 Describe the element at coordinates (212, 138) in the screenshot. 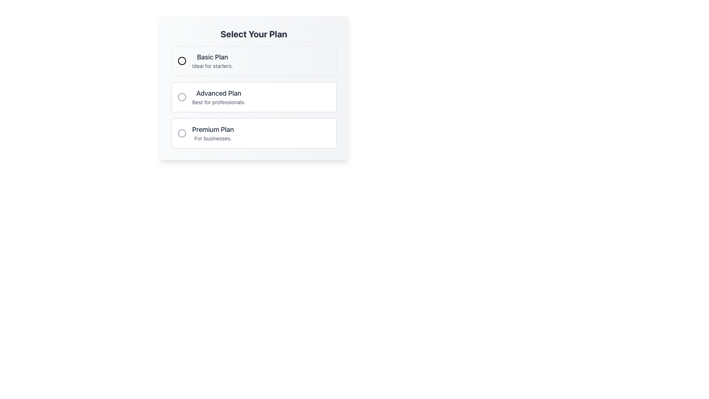

I see `the small text label reading 'For businesses.' which is styled in muted gray and positioned below the 'Premium Plan' header within the plan selection card` at that location.